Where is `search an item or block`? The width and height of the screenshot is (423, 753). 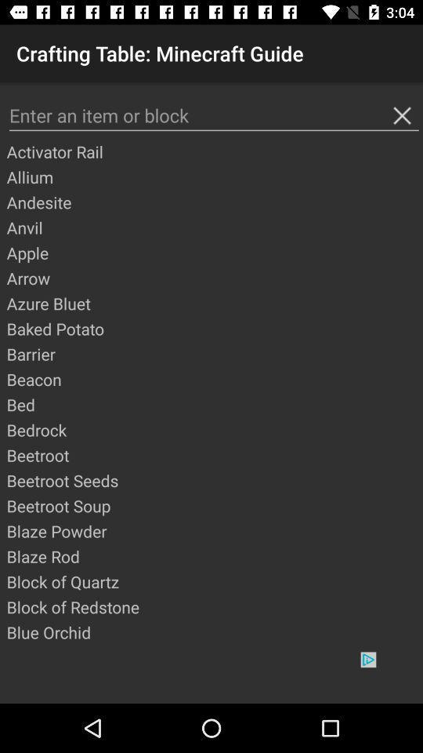
search an item or block is located at coordinates (213, 115).